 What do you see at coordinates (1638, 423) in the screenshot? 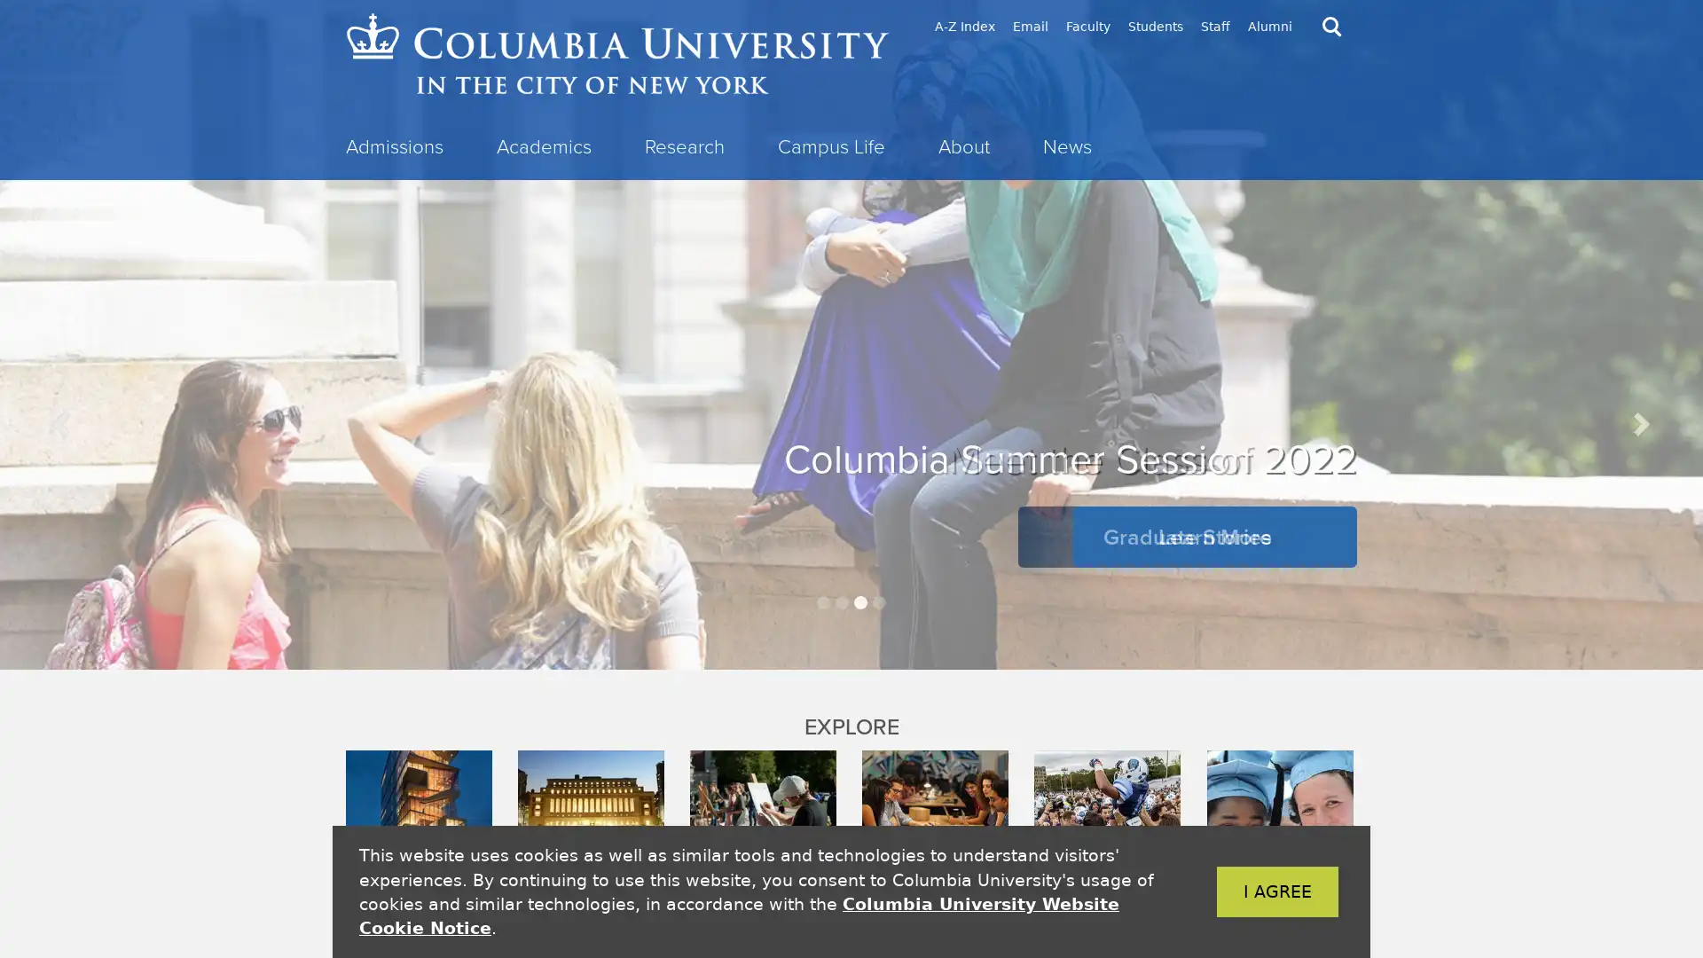
I see `Next` at bounding box center [1638, 423].